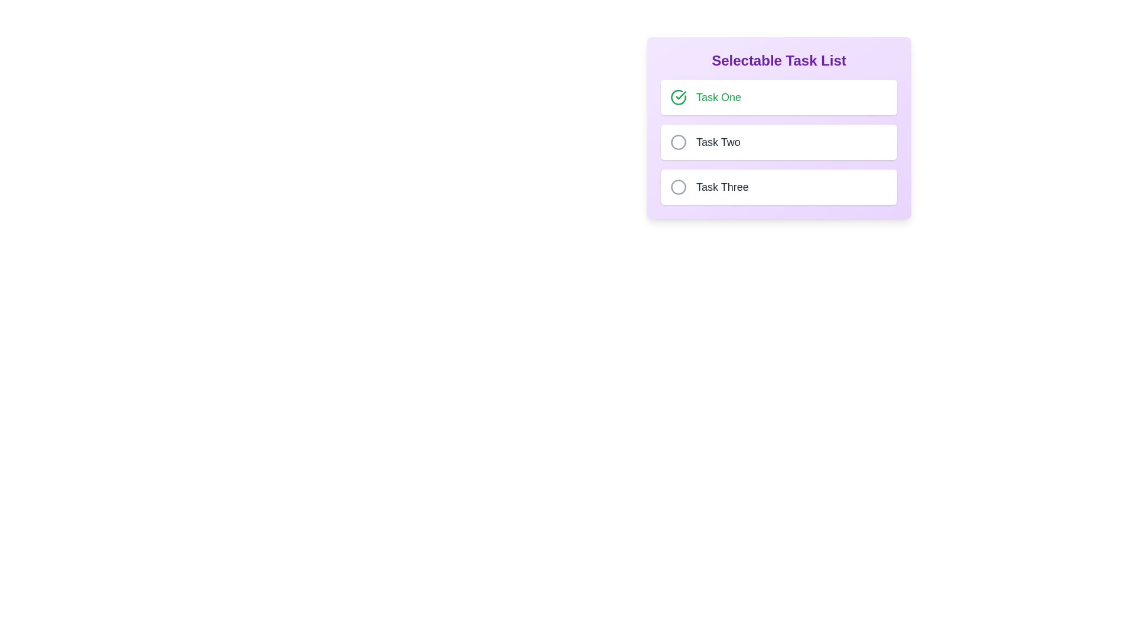 This screenshot has width=1134, height=638. What do you see at coordinates (678, 97) in the screenshot?
I see `the green circular checkmark icon located to the left of the text 'Task One'` at bounding box center [678, 97].